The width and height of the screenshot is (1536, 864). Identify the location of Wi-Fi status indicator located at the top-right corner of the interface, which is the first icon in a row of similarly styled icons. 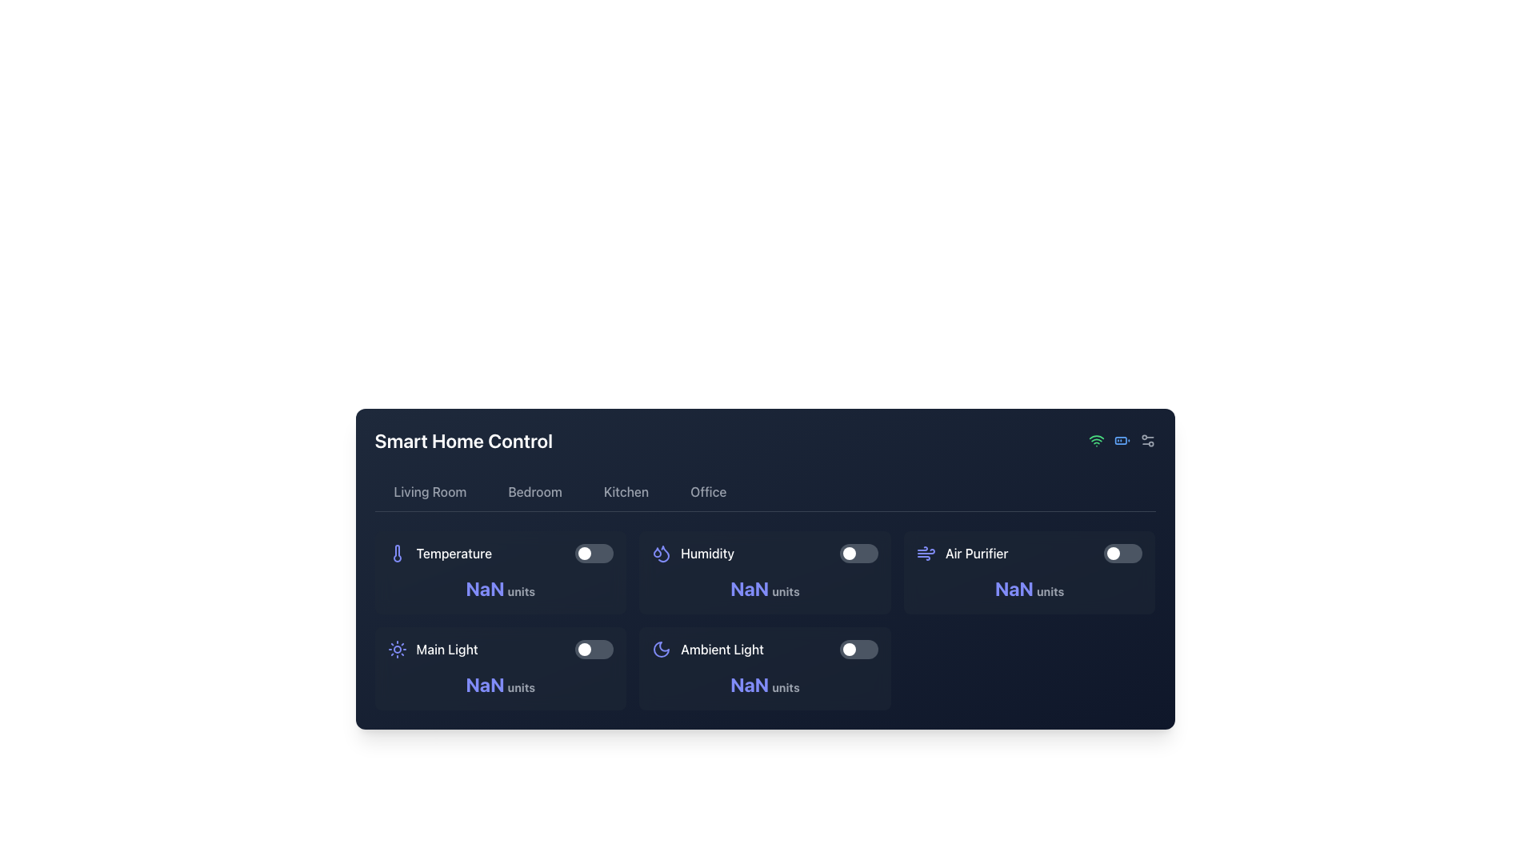
(1095, 441).